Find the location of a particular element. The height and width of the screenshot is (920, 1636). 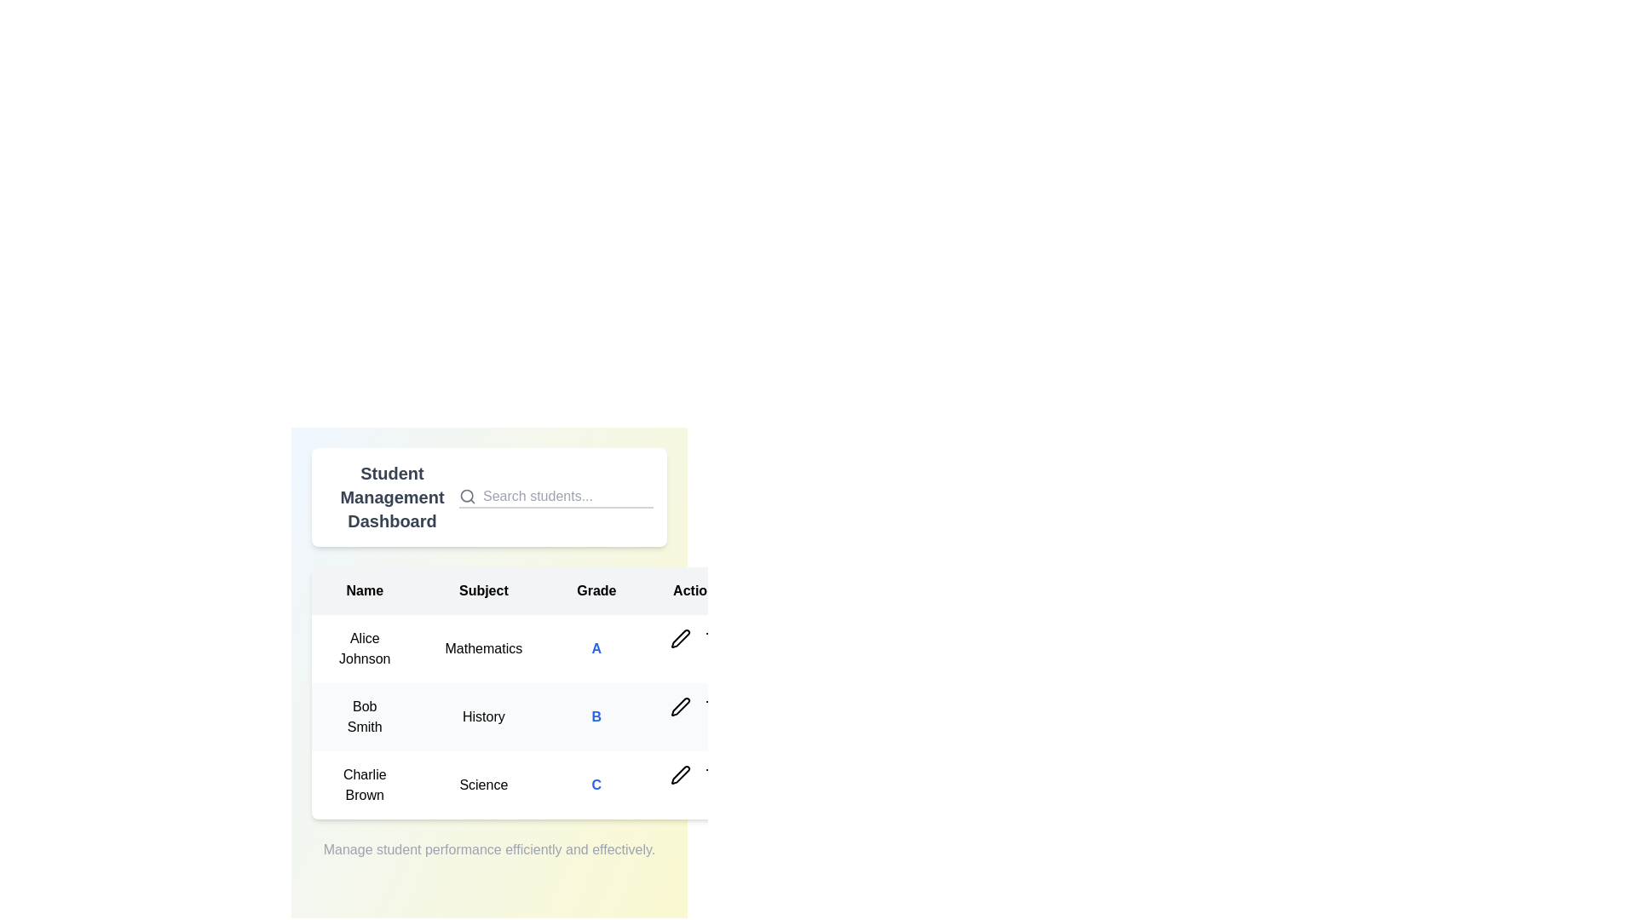

the second column header text label in the table that indicates the subject data for the entries below it is located at coordinates (482, 590).